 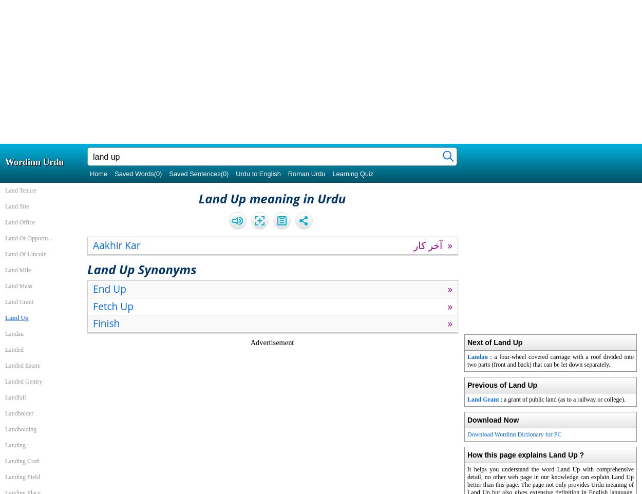 What do you see at coordinates (514, 434) in the screenshot?
I see `'Download Wordinn Dictionary for PC'` at bounding box center [514, 434].